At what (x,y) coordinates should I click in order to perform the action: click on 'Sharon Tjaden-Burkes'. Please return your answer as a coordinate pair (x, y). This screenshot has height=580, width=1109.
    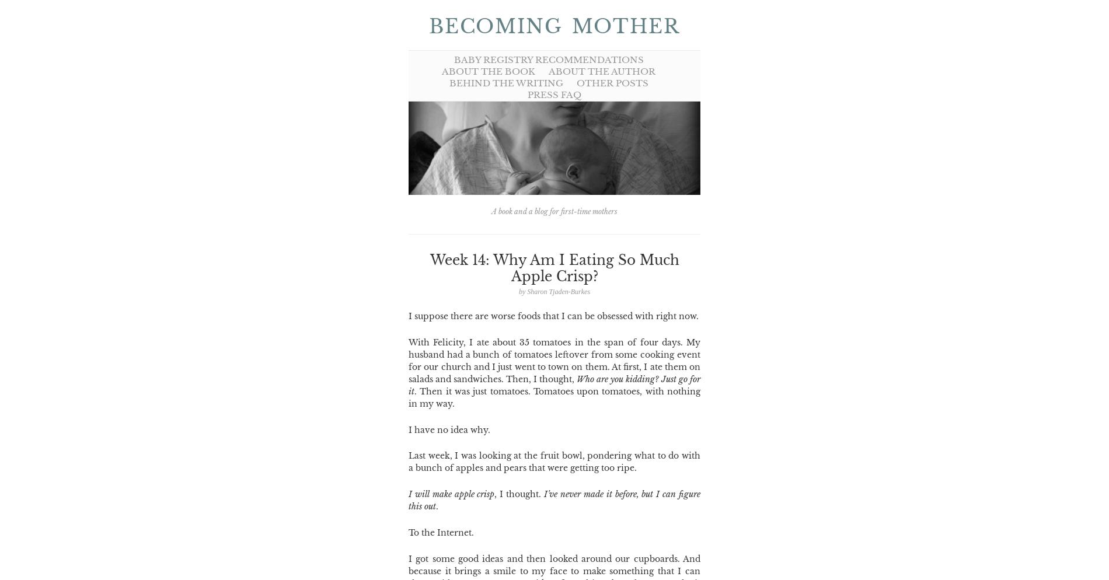
    Looking at the image, I should click on (559, 291).